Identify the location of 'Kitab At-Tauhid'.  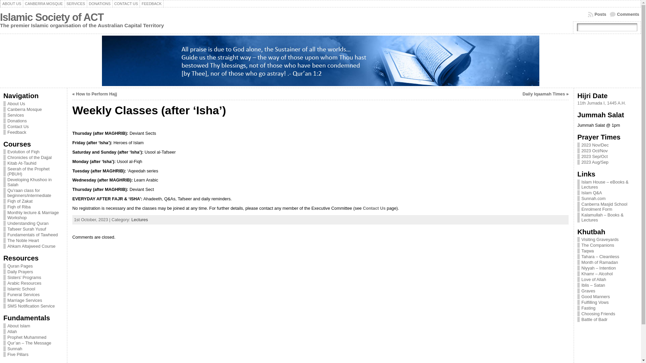
(33, 163).